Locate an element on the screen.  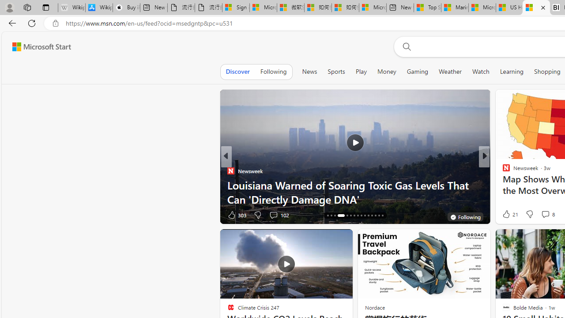
'AutomationID: tab-24' is located at coordinates (361, 216).